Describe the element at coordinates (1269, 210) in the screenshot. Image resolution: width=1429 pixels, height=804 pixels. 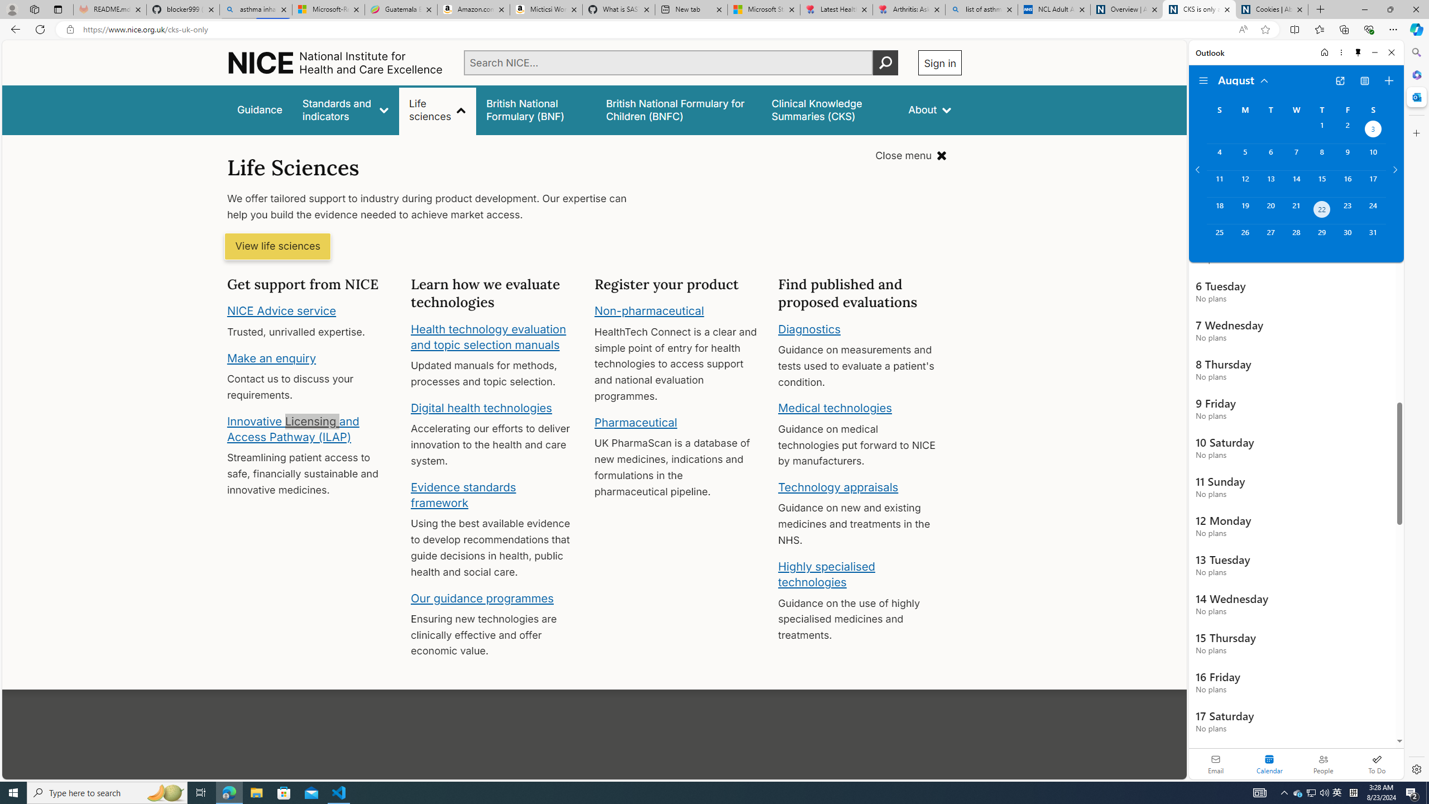
I see `'Tuesday, August 20, 2024. '` at that location.